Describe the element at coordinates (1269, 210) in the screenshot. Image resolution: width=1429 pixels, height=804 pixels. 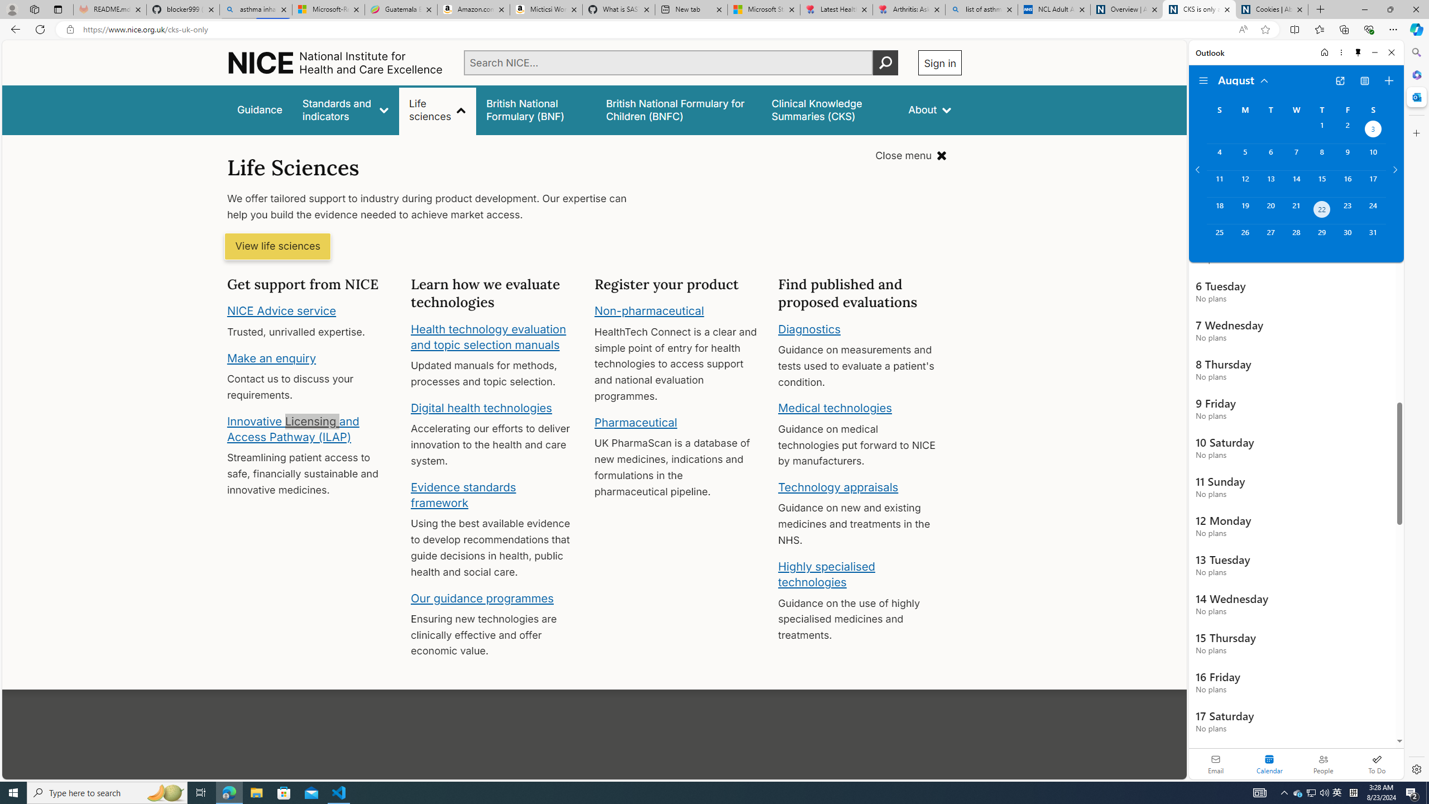
I see `'Tuesday, August 20, 2024. '` at that location.